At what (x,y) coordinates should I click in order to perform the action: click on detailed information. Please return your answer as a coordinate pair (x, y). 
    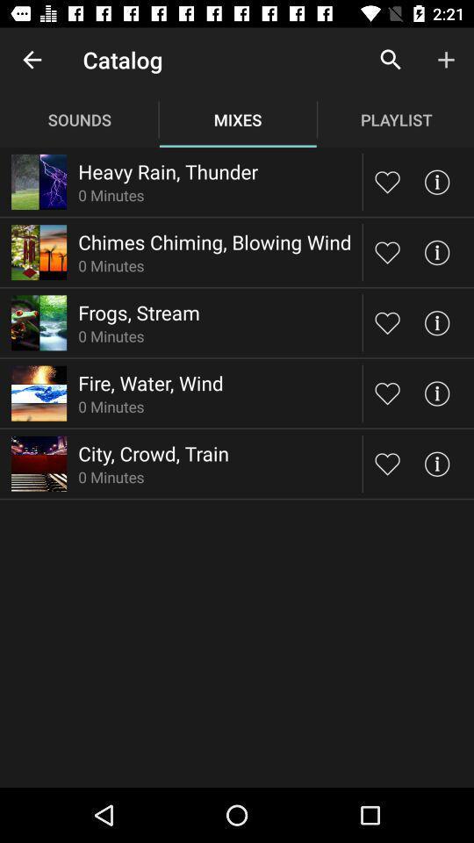
    Looking at the image, I should click on (435, 463).